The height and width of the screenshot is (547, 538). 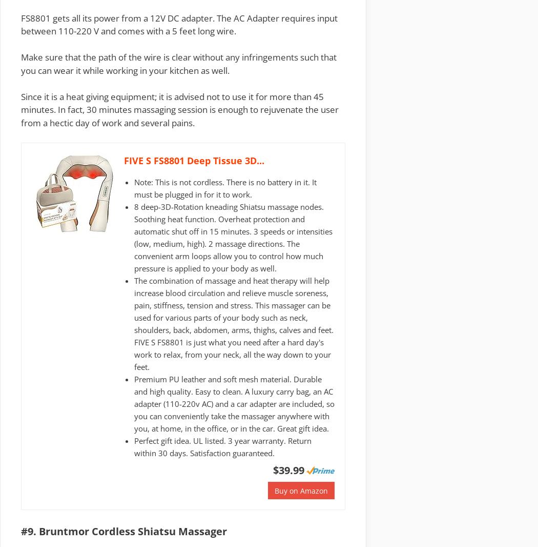 I want to click on 'FIVE S FS8801 Deep Tissue 3D...', so click(x=194, y=160).